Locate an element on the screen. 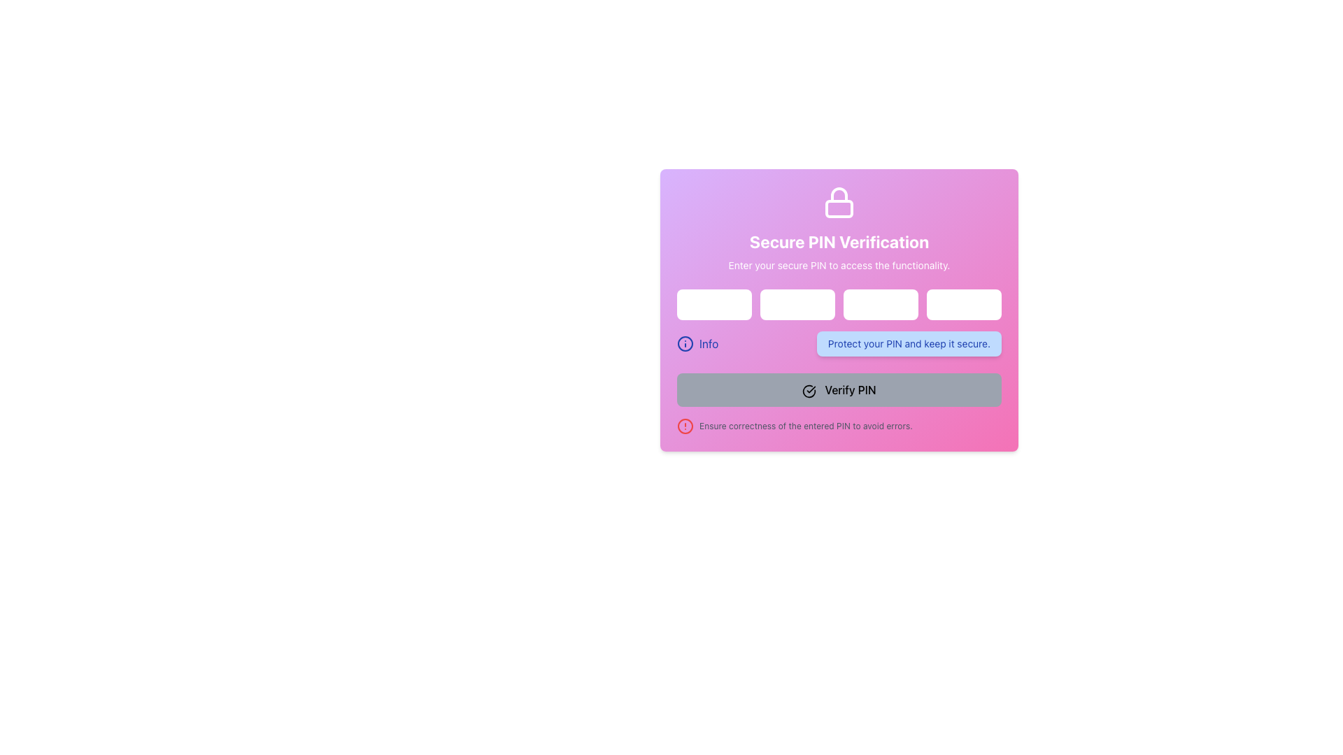  the button used for initiating the PIN verification process, located below the 'Protect your PIN and keep it secure' text is located at coordinates (839, 390).